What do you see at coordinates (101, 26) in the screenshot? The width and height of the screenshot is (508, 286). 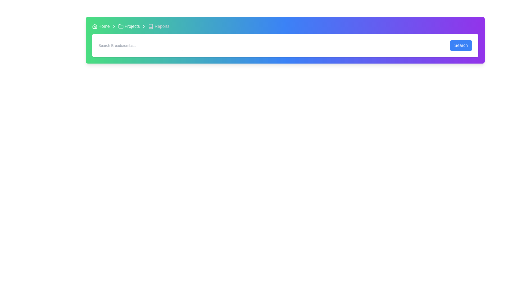 I see `the 'Home' navigation link with a house icon to trigger the visual hover effect` at bounding box center [101, 26].